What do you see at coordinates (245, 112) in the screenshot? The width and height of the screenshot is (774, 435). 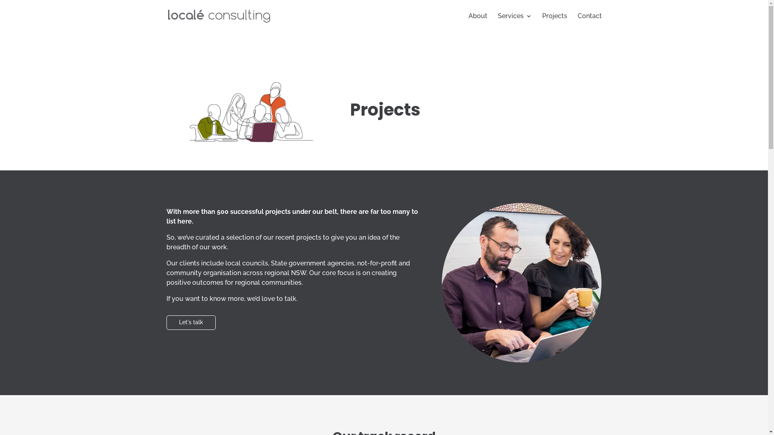 I see `'locale consulting projects'` at bounding box center [245, 112].